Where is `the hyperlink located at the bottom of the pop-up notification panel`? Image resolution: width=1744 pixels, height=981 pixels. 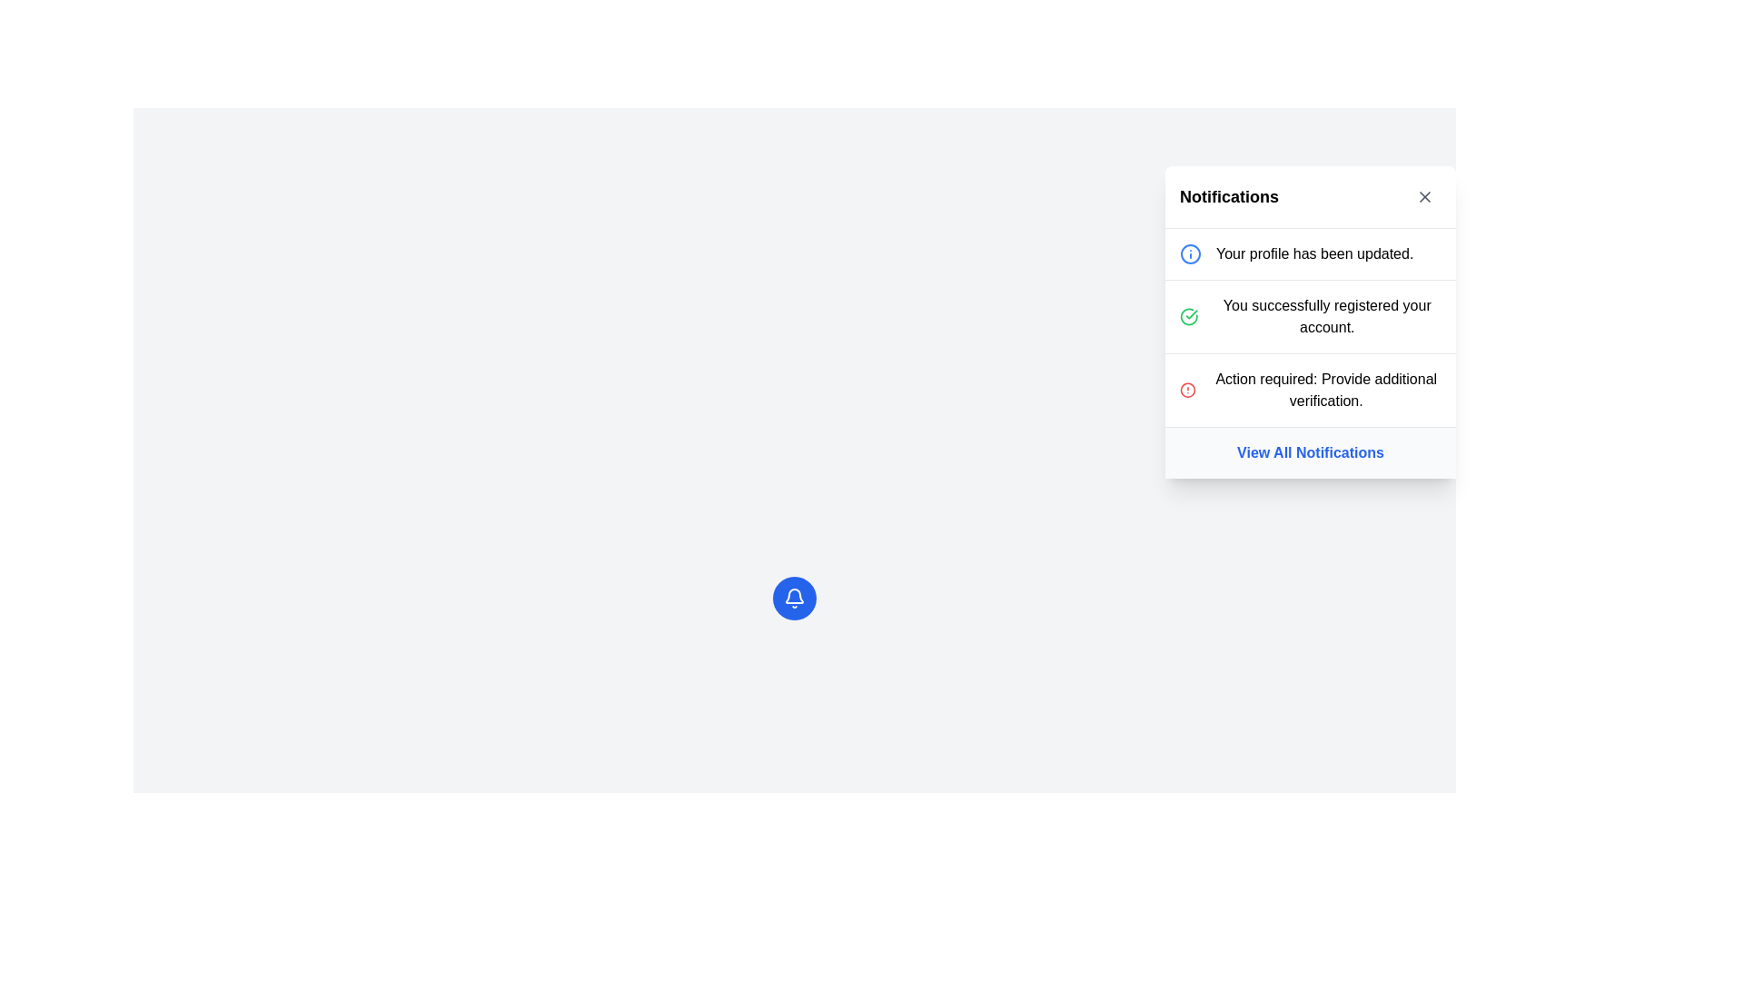 the hyperlink located at the bottom of the pop-up notification panel is located at coordinates (1311, 451).